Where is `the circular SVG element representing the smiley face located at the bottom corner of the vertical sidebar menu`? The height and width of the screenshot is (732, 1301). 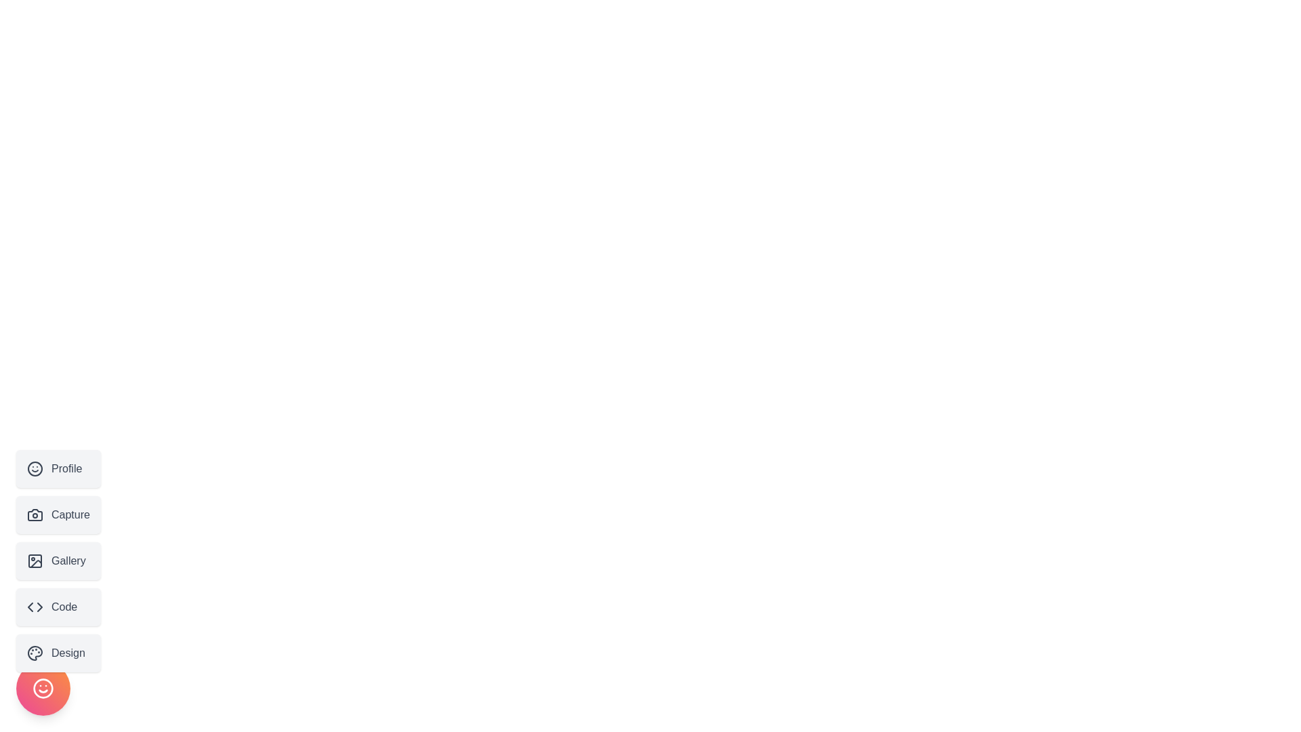
the circular SVG element representing the smiley face located at the bottom corner of the vertical sidebar menu is located at coordinates (43, 688).